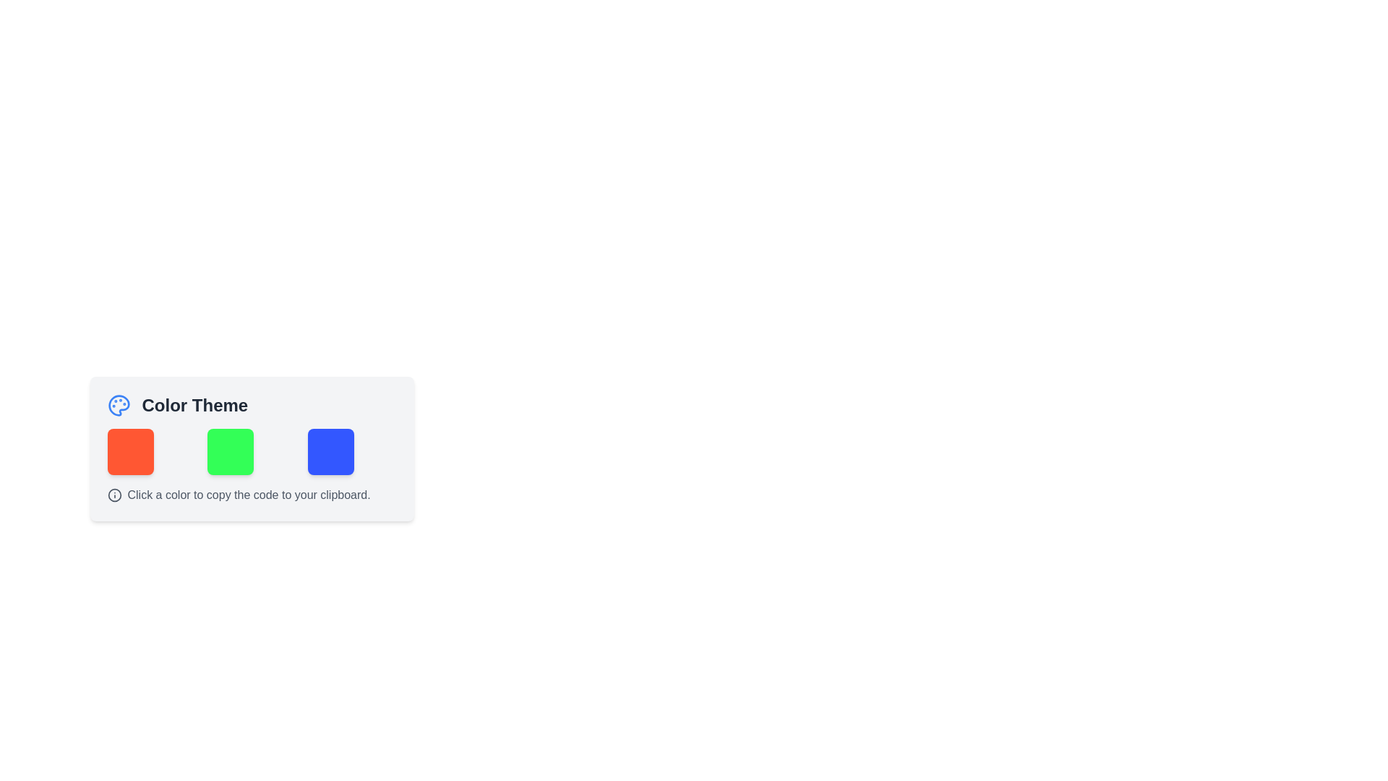  I want to click on the color blocks in the Fixed overlay panel titled 'Color Theme' to copy the color code, so click(252, 469).